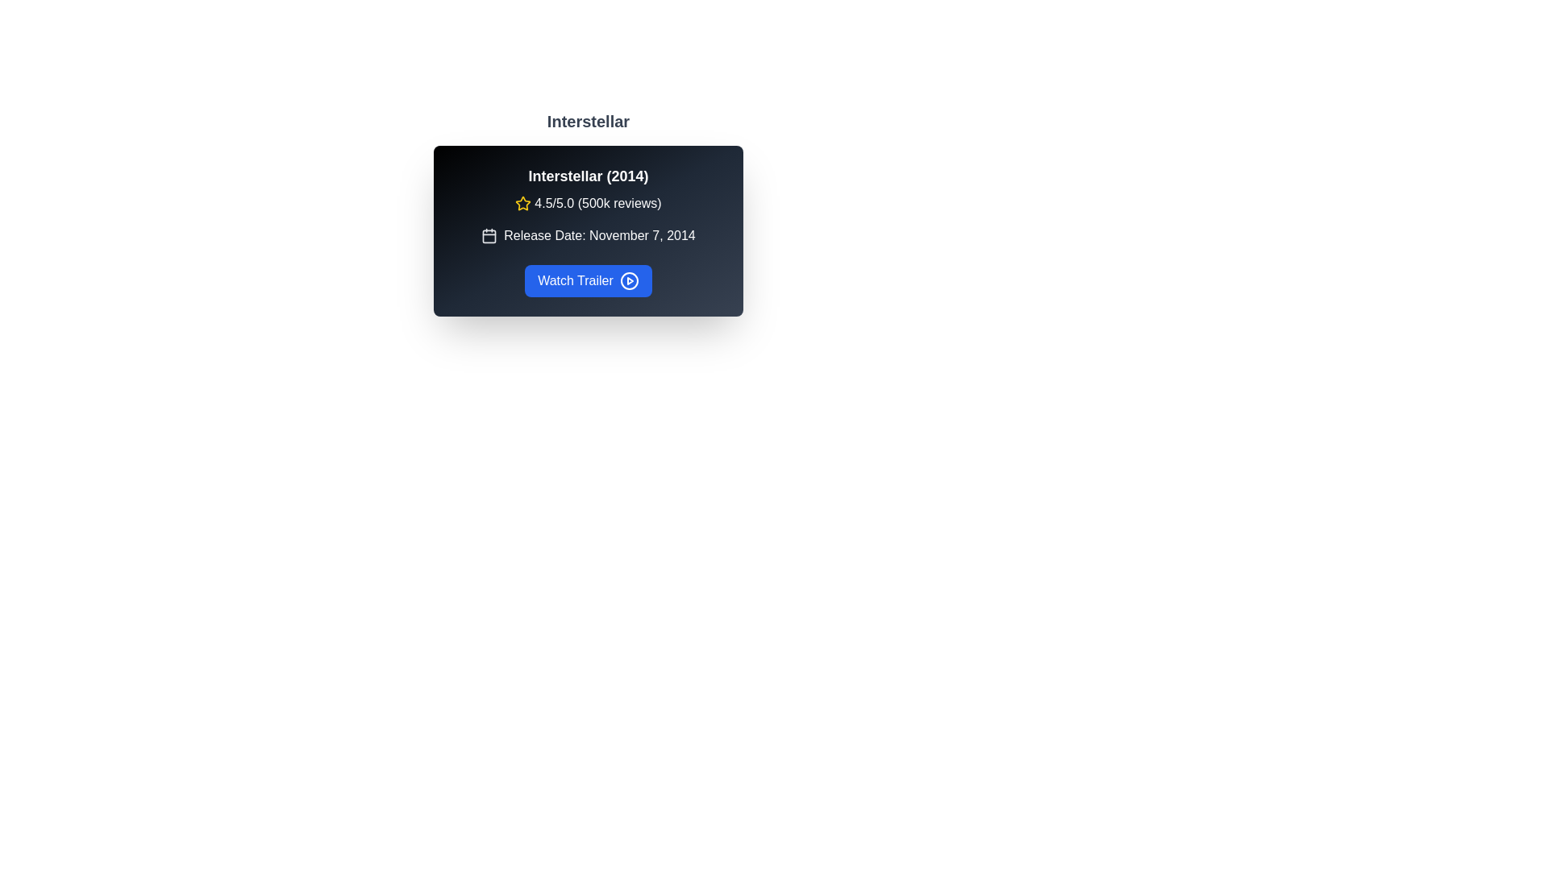  Describe the element at coordinates (489, 236) in the screenshot. I see `the decorative background of the calendar icon, which is a rectangular area with rounded edges located below the month indicators` at that location.